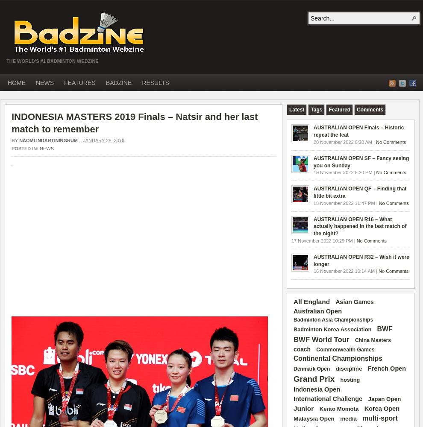 The image size is (423, 427). What do you see at coordinates (358, 131) in the screenshot?
I see `'AUSTRALIAN OPEN Finals – Historic repeat the feat'` at bounding box center [358, 131].